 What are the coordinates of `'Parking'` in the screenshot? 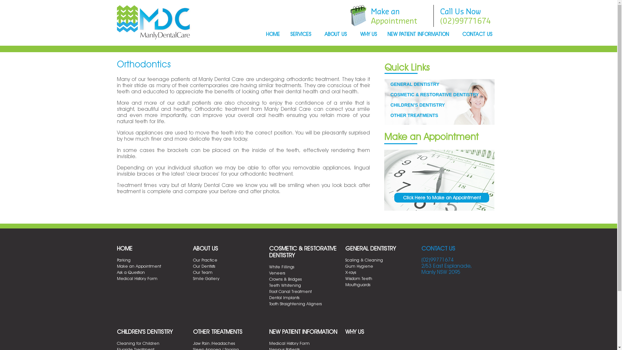 It's located at (123, 260).